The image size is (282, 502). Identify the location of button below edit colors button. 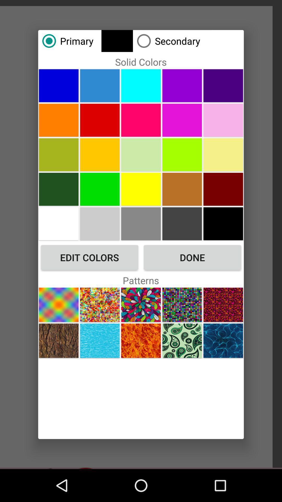
(100, 305).